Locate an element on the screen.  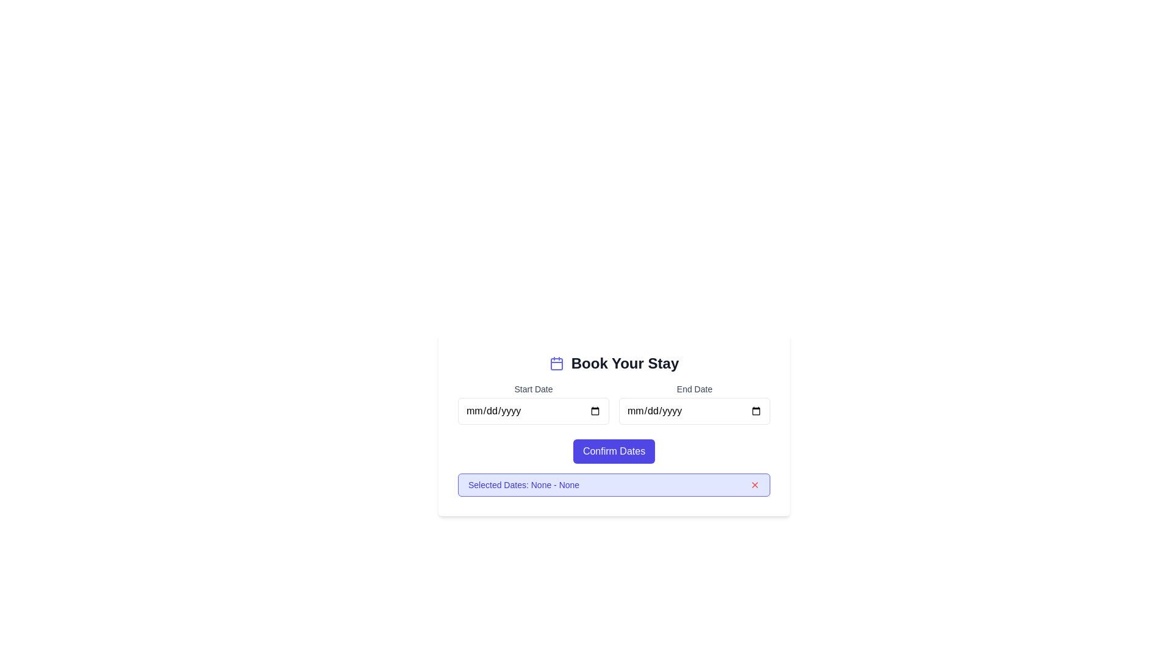
the compact rectangular button with an 'X' icon styled in red, located at the far right end of the section displaying 'Selected Dates: None - None' is located at coordinates (754, 484).